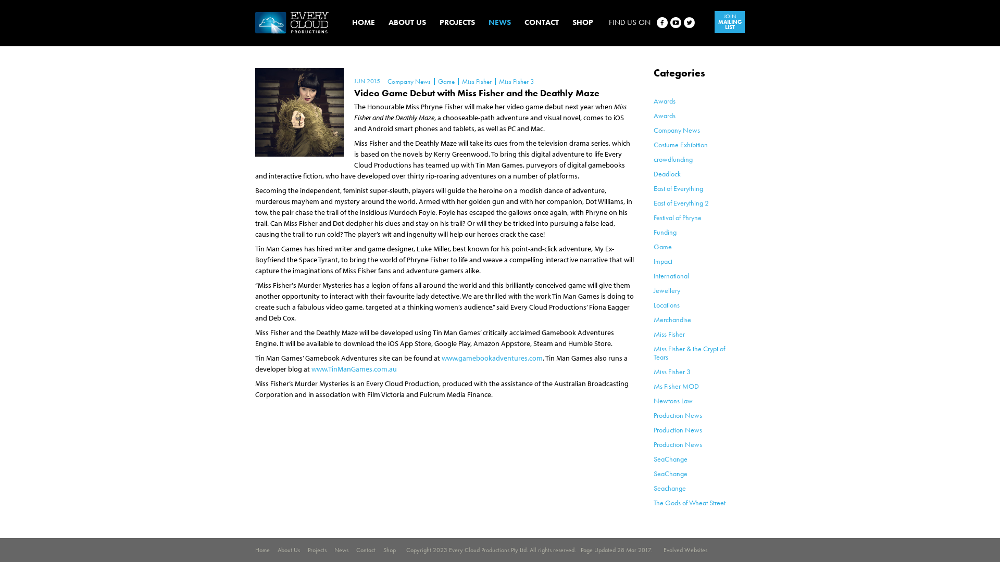  I want to click on 'Evolved Websites', so click(685, 549).